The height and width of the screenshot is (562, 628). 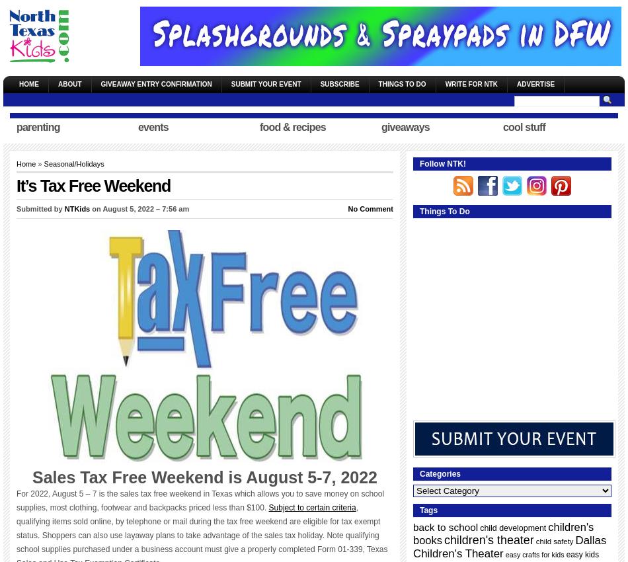 I want to click on 'No Comment', so click(x=348, y=209).